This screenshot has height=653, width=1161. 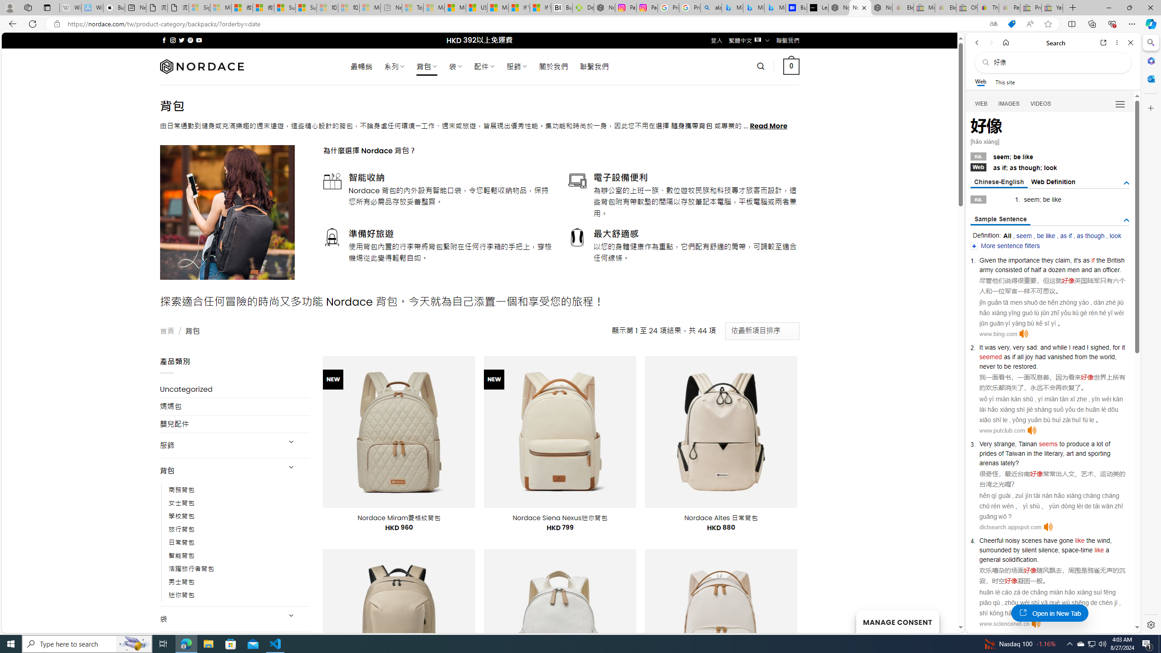 I want to click on 'Wikipedia - Sleeping', so click(x=70, y=7).